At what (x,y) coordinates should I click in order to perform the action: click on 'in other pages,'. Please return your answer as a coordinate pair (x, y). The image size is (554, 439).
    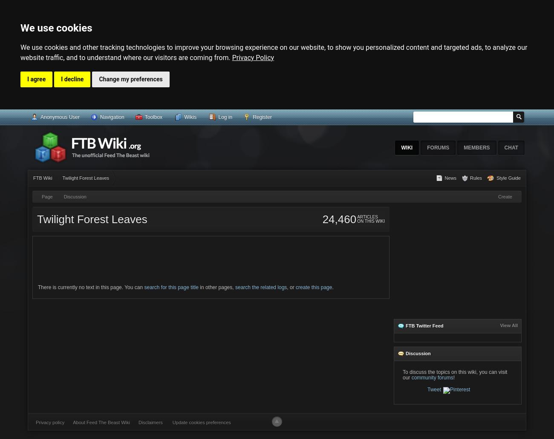
    Looking at the image, I should click on (216, 287).